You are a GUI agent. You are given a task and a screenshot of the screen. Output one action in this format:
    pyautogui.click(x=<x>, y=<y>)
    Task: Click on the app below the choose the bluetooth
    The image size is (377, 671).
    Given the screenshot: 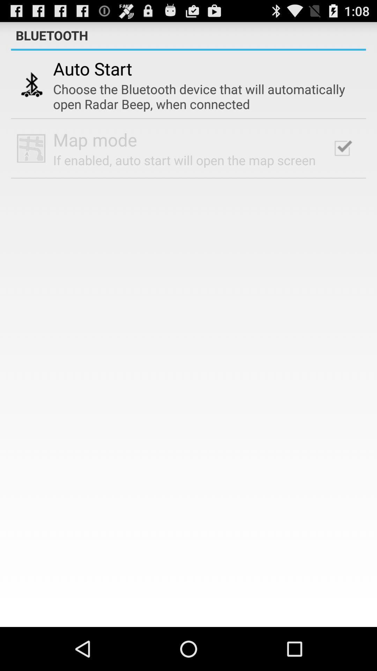 What is the action you would take?
    pyautogui.click(x=95, y=139)
    